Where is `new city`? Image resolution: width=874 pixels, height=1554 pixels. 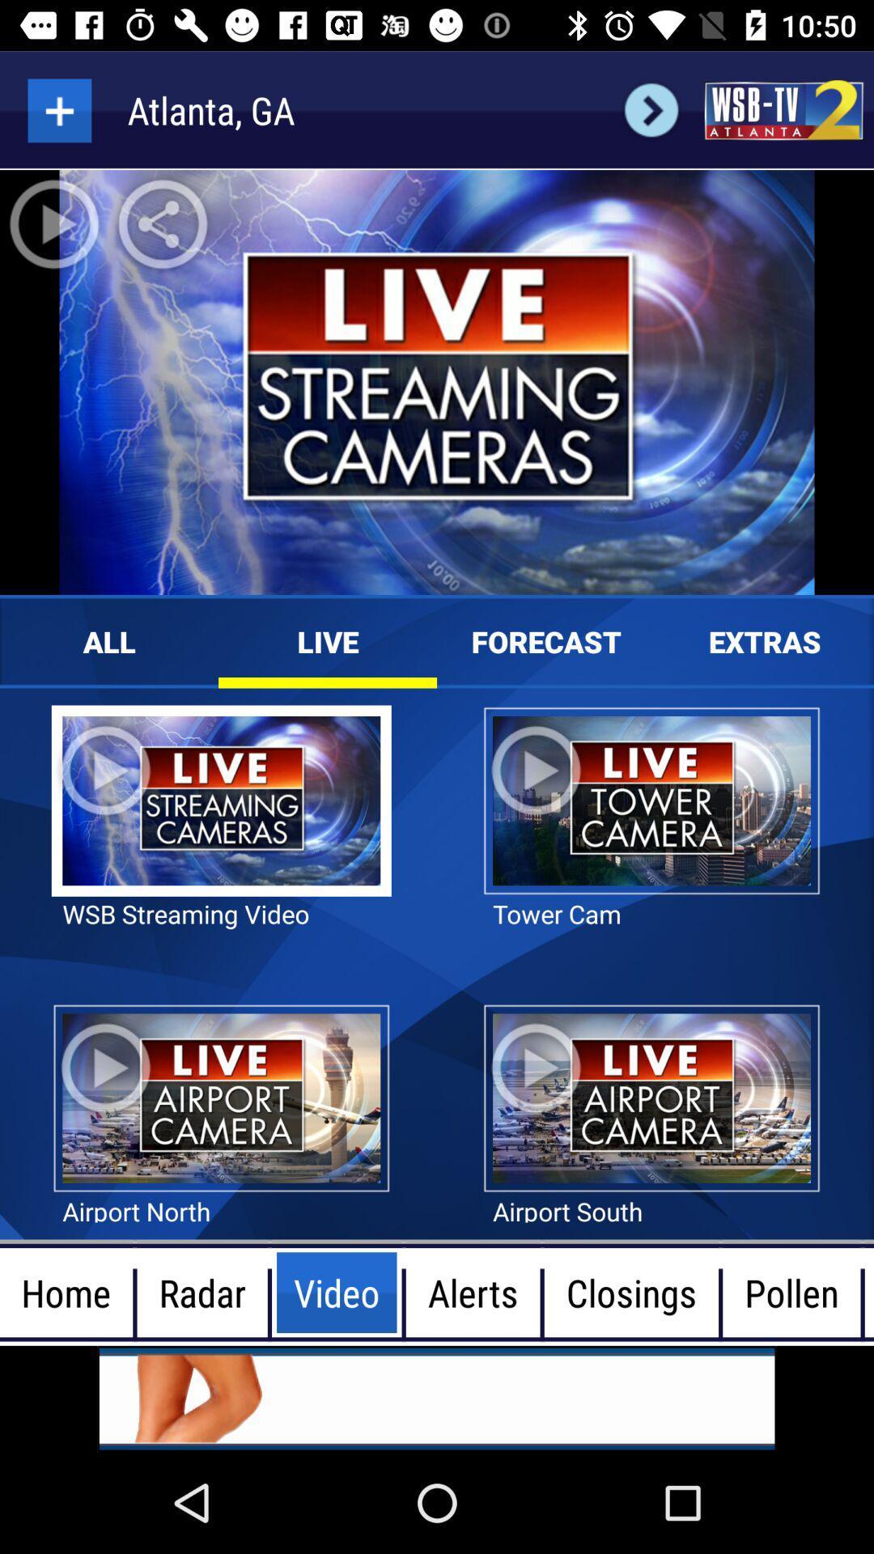
new city is located at coordinates (58, 109).